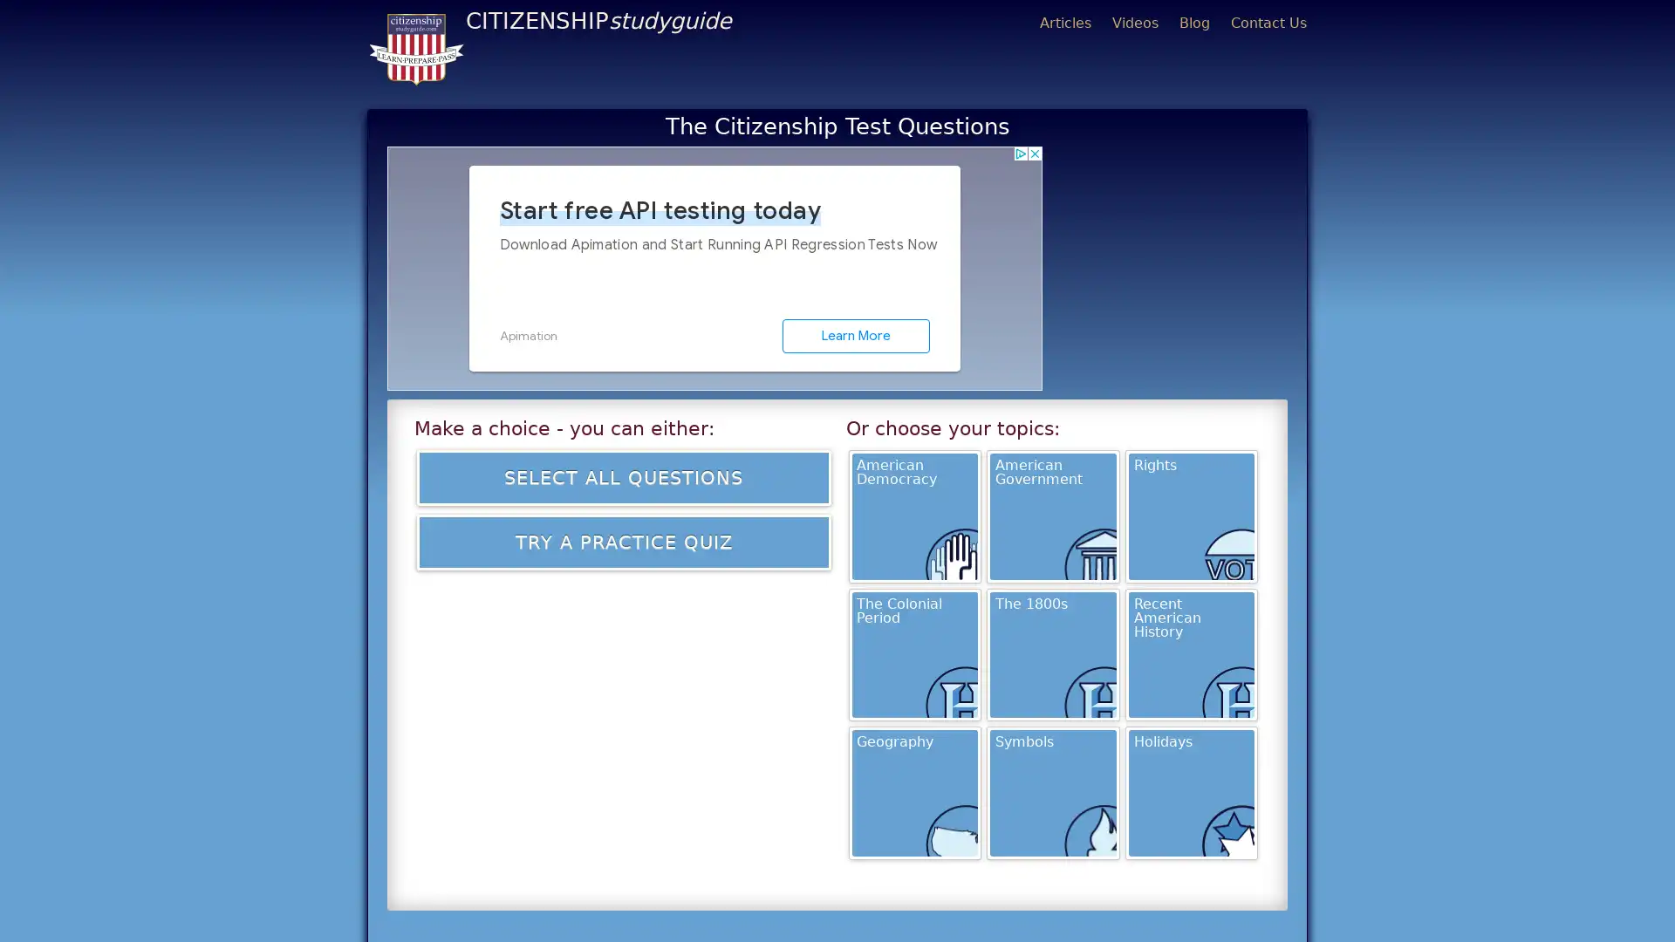 The image size is (1675, 942). What do you see at coordinates (624, 541) in the screenshot?
I see `Try a Practice Quiz` at bounding box center [624, 541].